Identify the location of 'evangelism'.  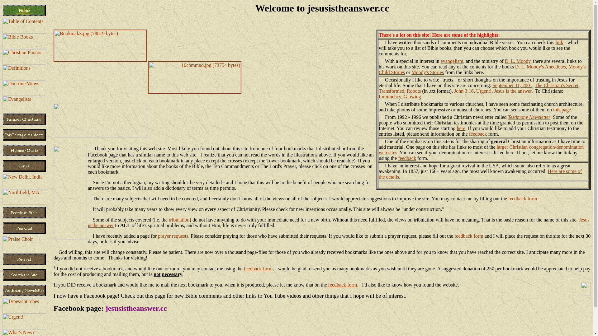
(452, 61).